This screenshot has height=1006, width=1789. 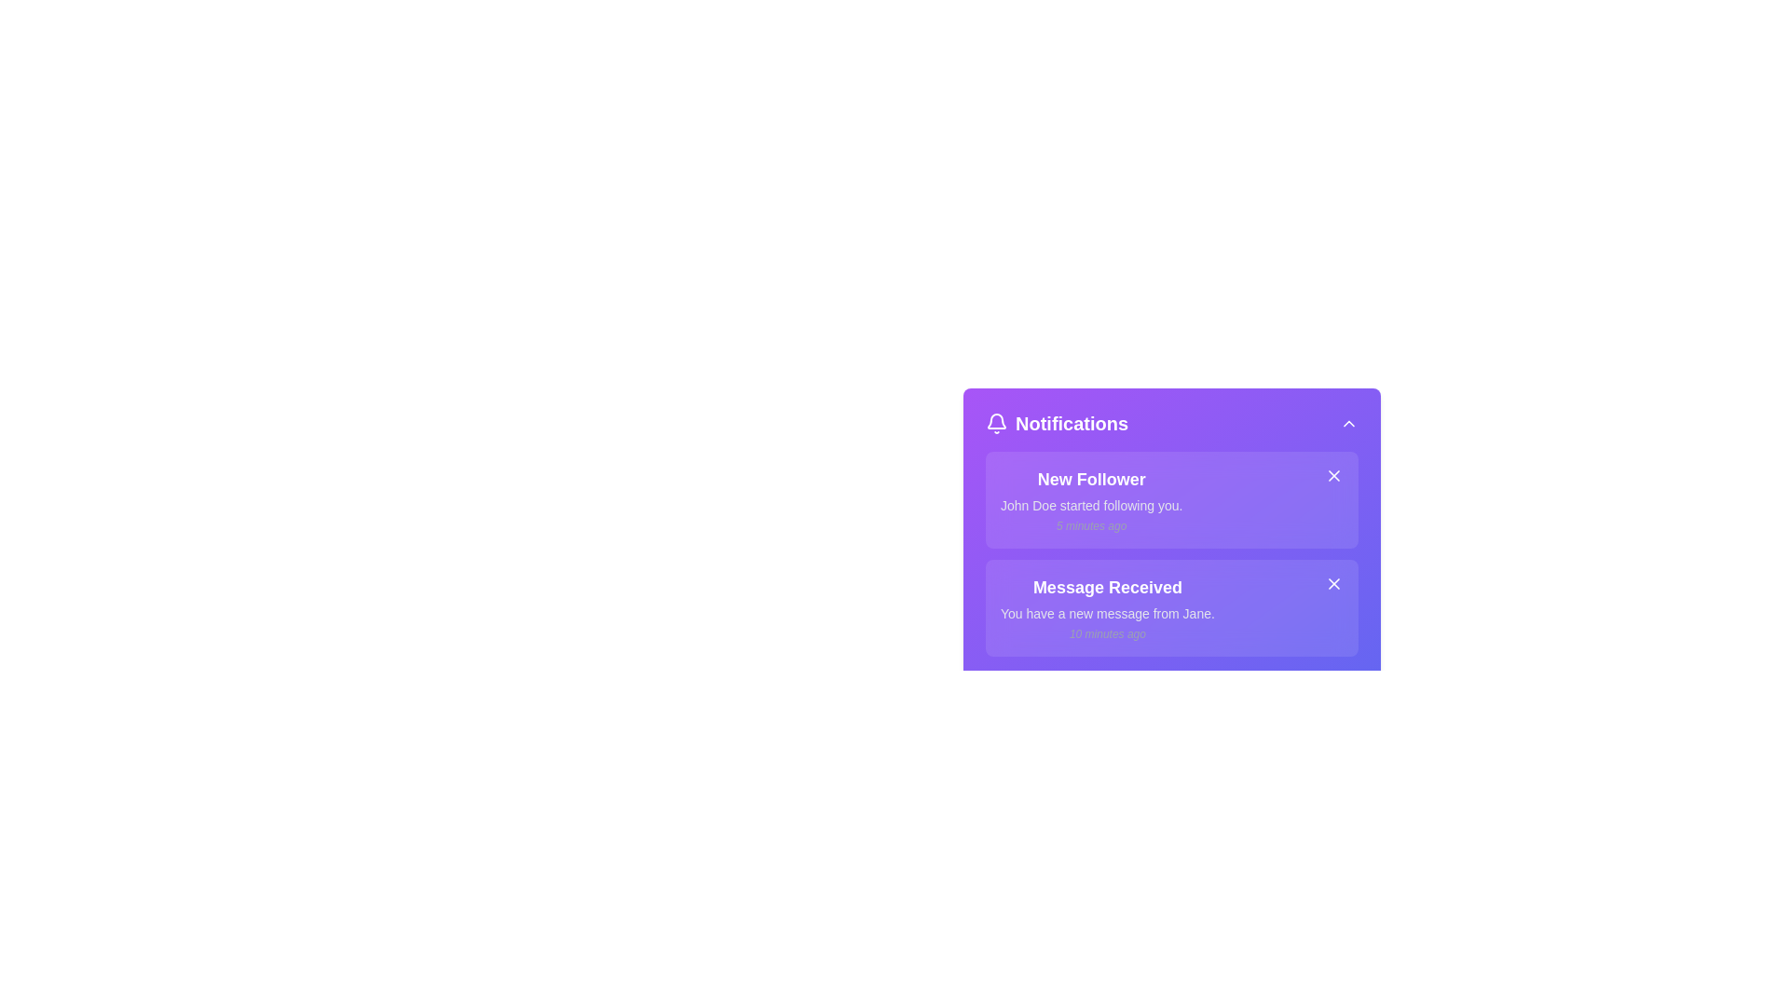 What do you see at coordinates (1332, 474) in the screenshot?
I see `the Close button in the top-right corner of the first notification card` at bounding box center [1332, 474].